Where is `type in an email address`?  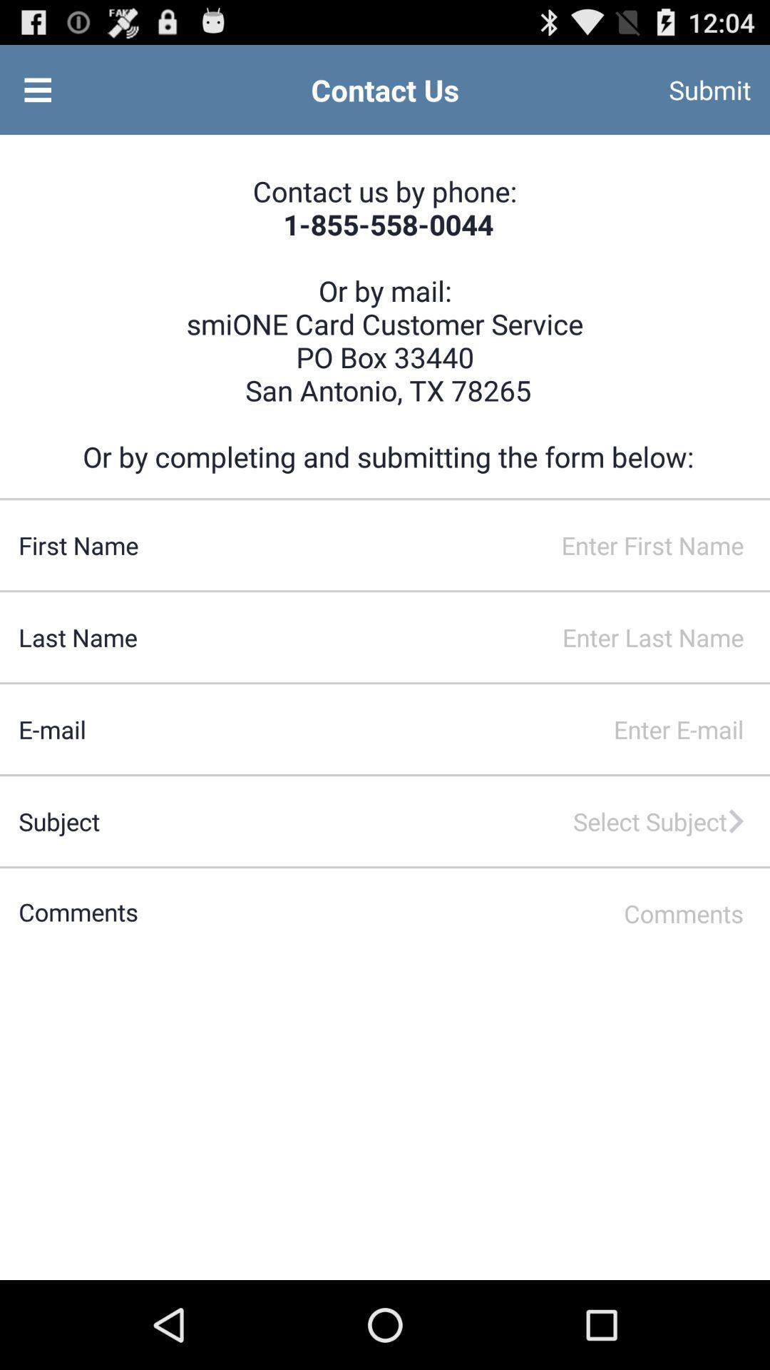
type in an email address is located at coordinates (427, 729).